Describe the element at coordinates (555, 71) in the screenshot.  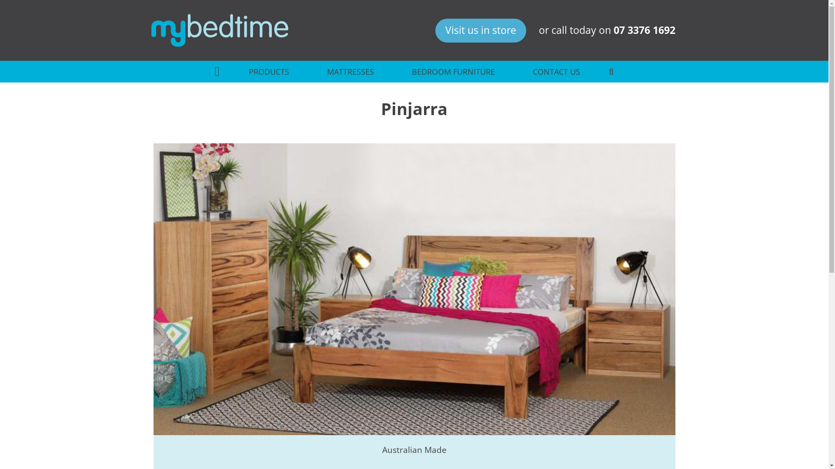
I see `'CONTACT US'` at that location.